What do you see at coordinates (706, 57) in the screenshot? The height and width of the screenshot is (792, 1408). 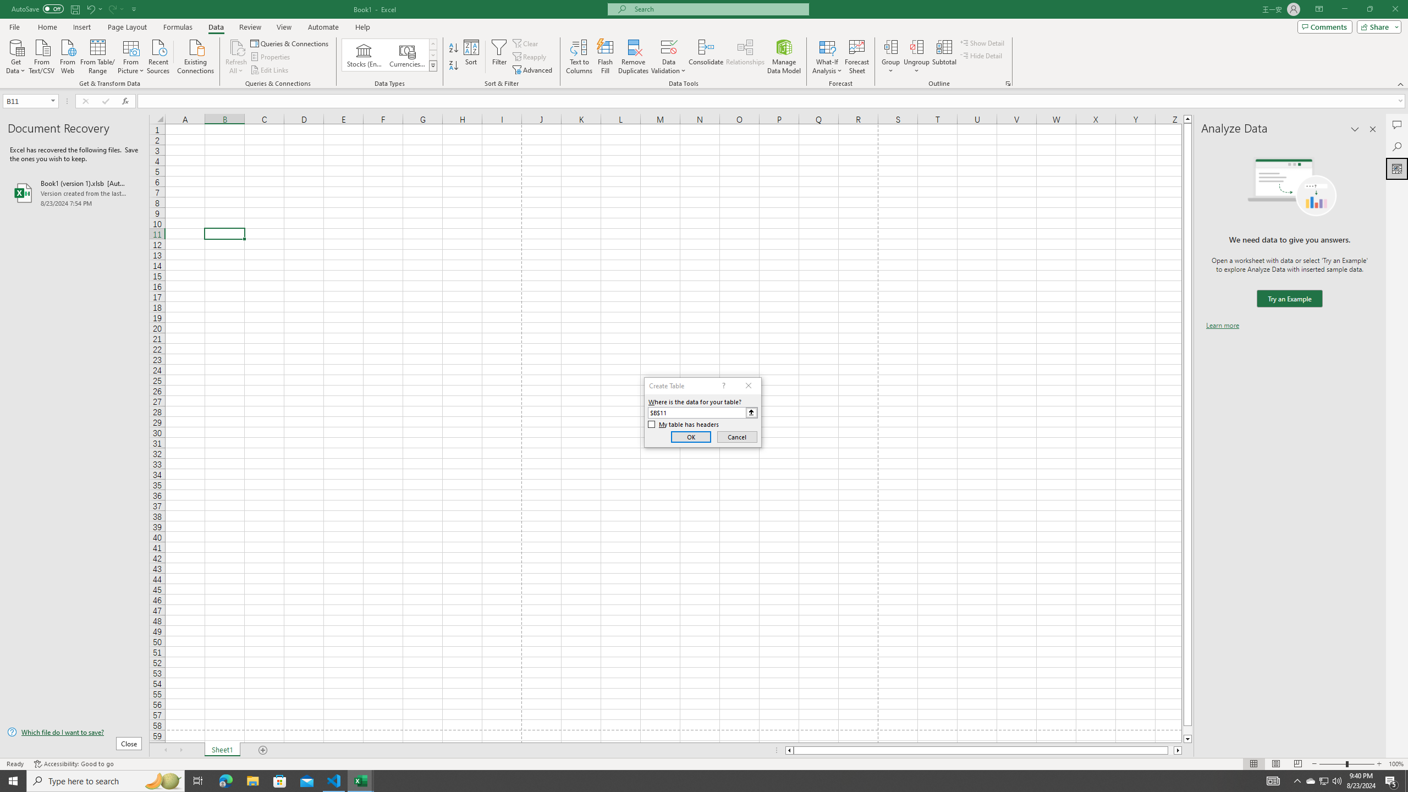 I see `'Consolidate...'` at bounding box center [706, 57].